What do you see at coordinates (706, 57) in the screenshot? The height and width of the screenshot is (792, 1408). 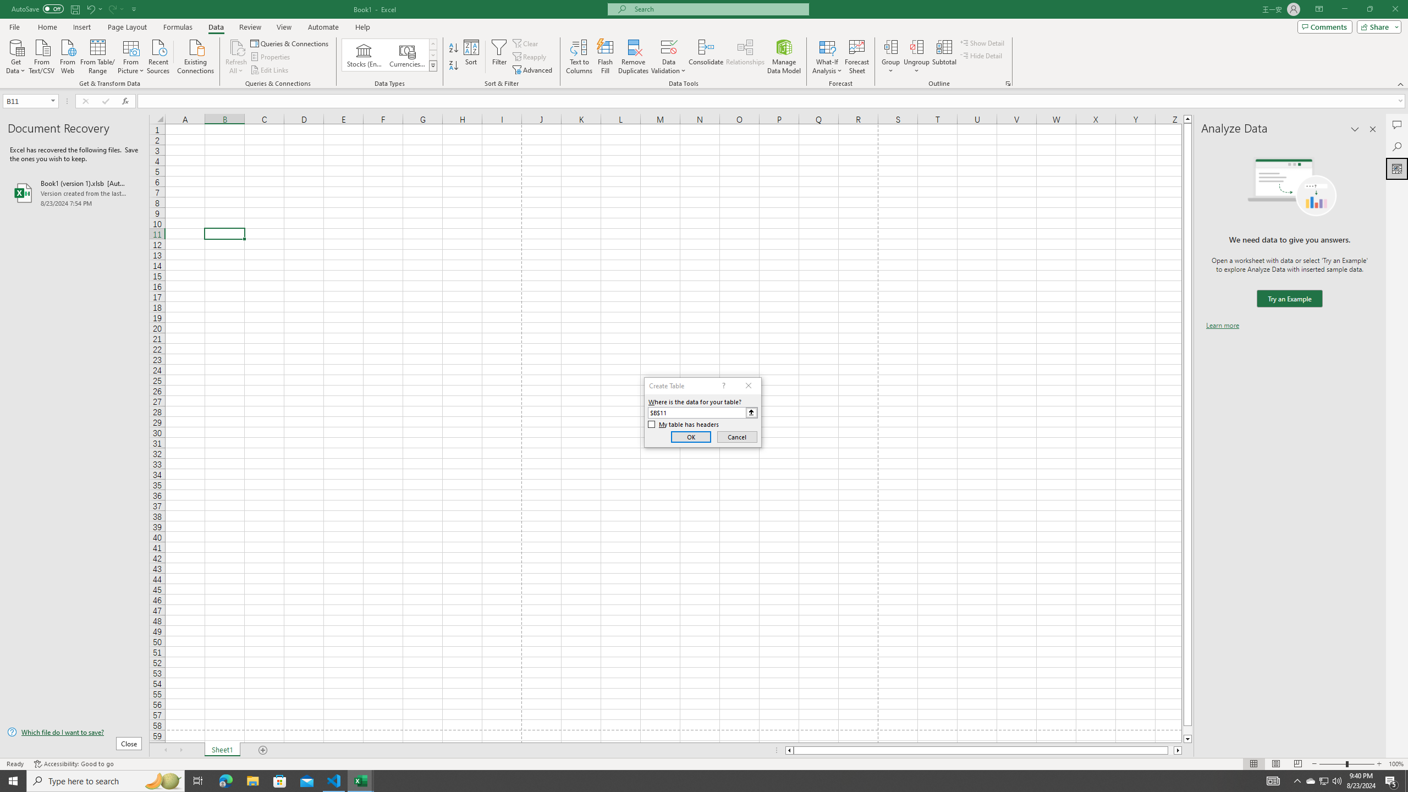 I see `'Consolidate...'` at bounding box center [706, 57].